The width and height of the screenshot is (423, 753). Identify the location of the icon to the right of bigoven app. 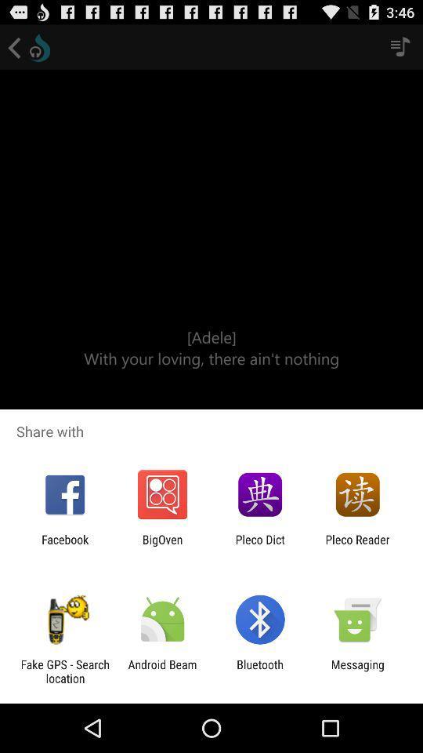
(260, 546).